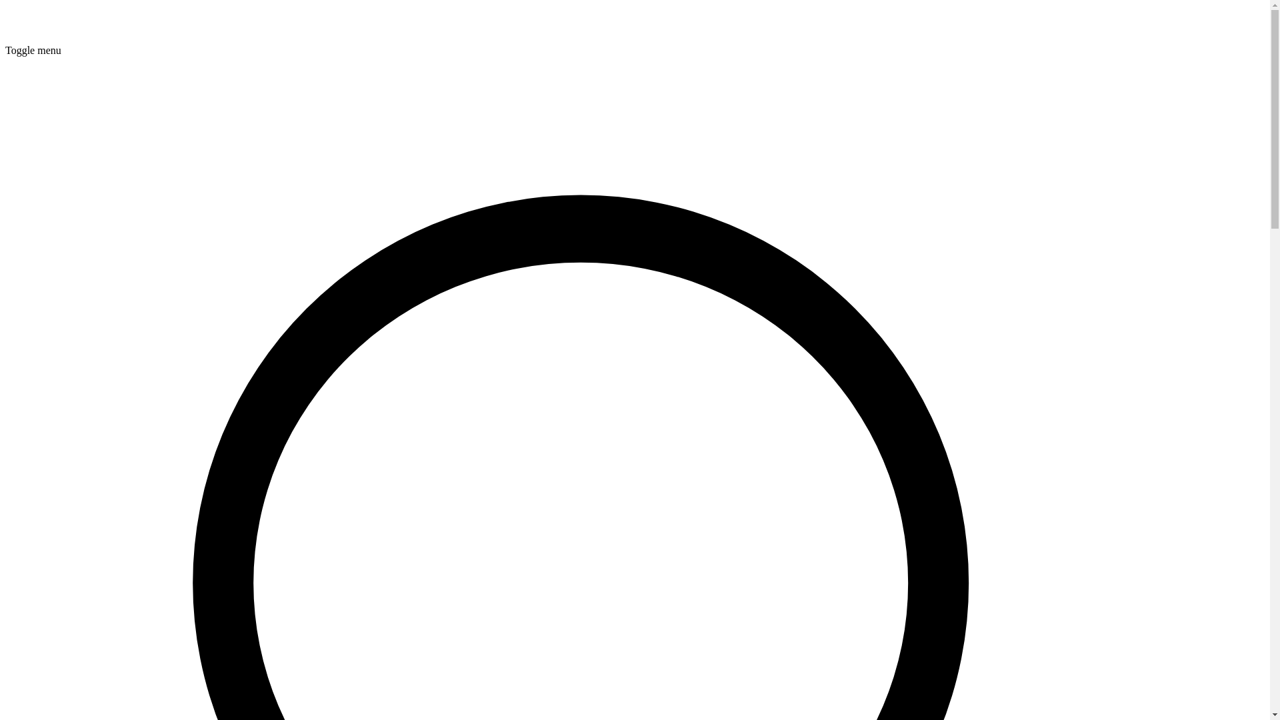  What do you see at coordinates (5, 37) in the screenshot?
I see `'Back to home'` at bounding box center [5, 37].